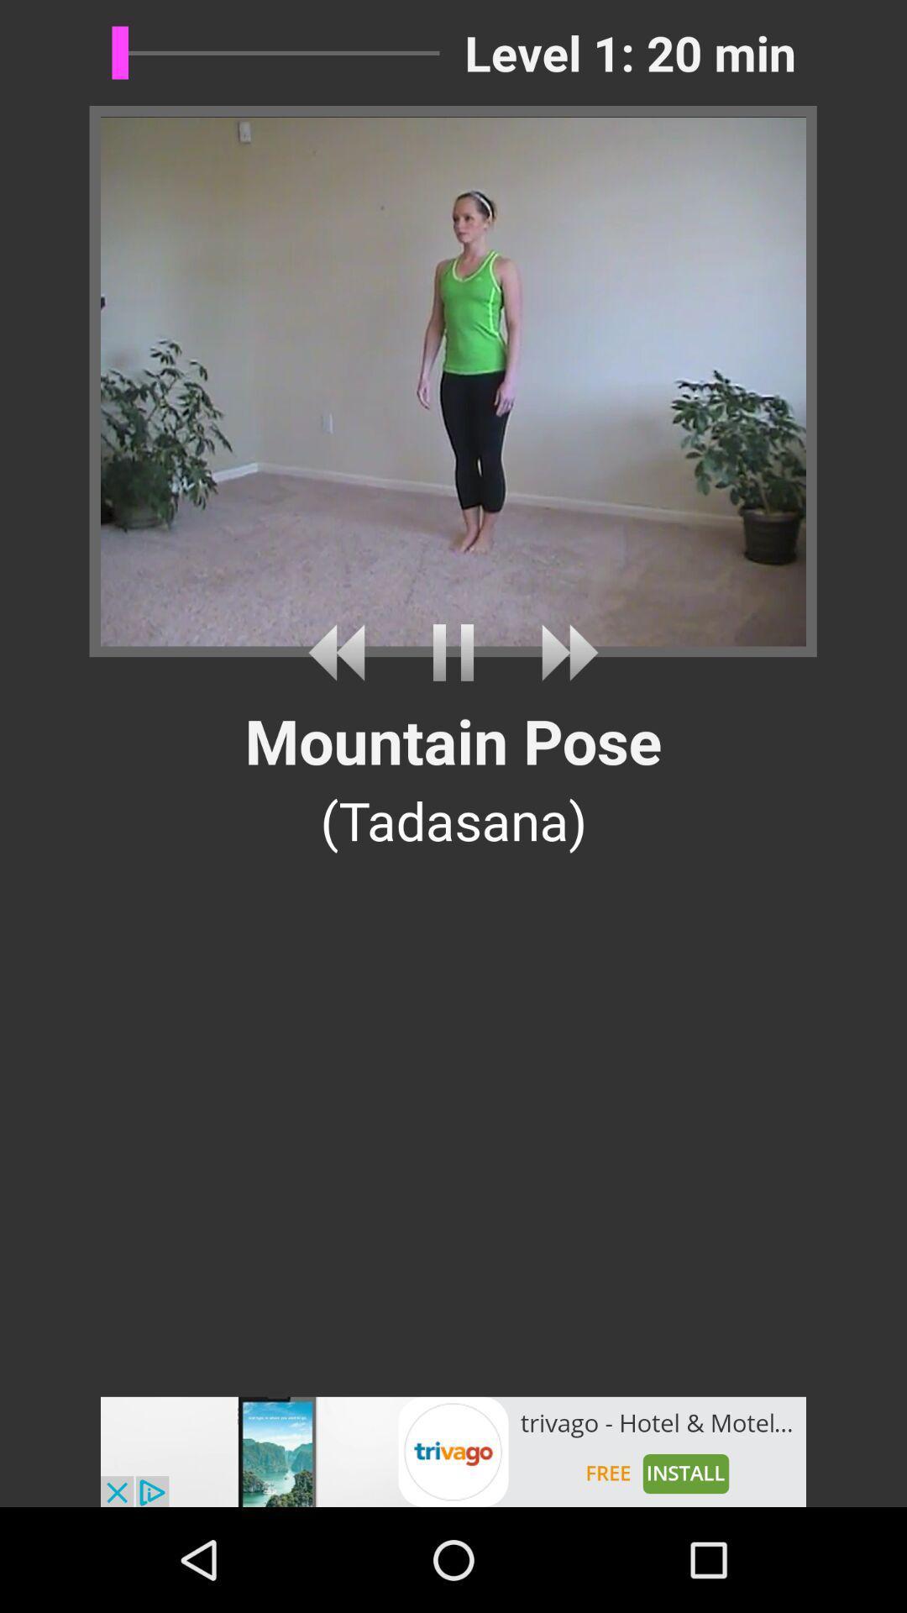 The height and width of the screenshot is (1613, 907). Describe the element at coordinates (453, 652) in the screenshot. I see `switch to stop option` at that location.